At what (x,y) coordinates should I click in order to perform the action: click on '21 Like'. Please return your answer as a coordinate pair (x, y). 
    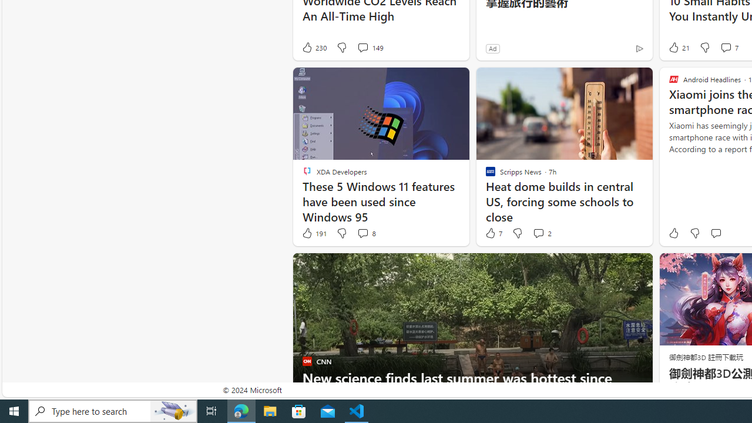
    Looking at the image, I should click on (678, 47).